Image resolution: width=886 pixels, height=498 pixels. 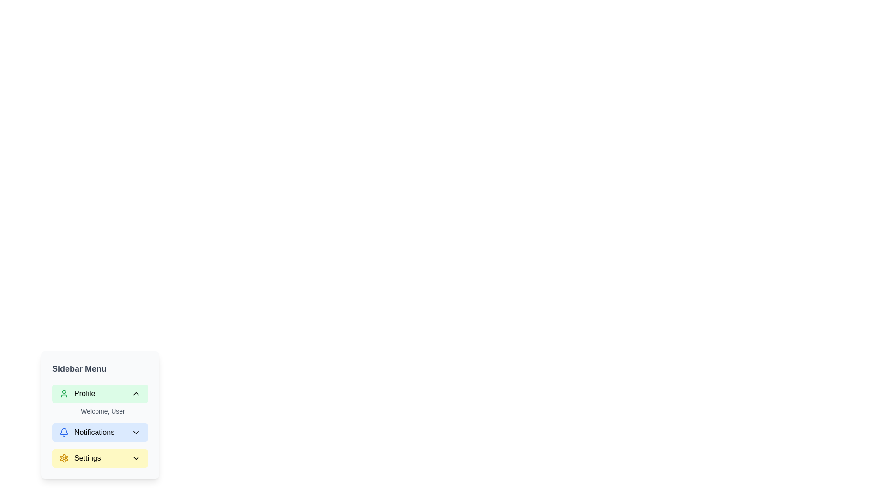 What do you see at coordinates (79, 368) in the screenshot?
I see `the Label that serves as a section title for the menu options, located at the top of the vertical menu section` at bounding box center [79, 368].